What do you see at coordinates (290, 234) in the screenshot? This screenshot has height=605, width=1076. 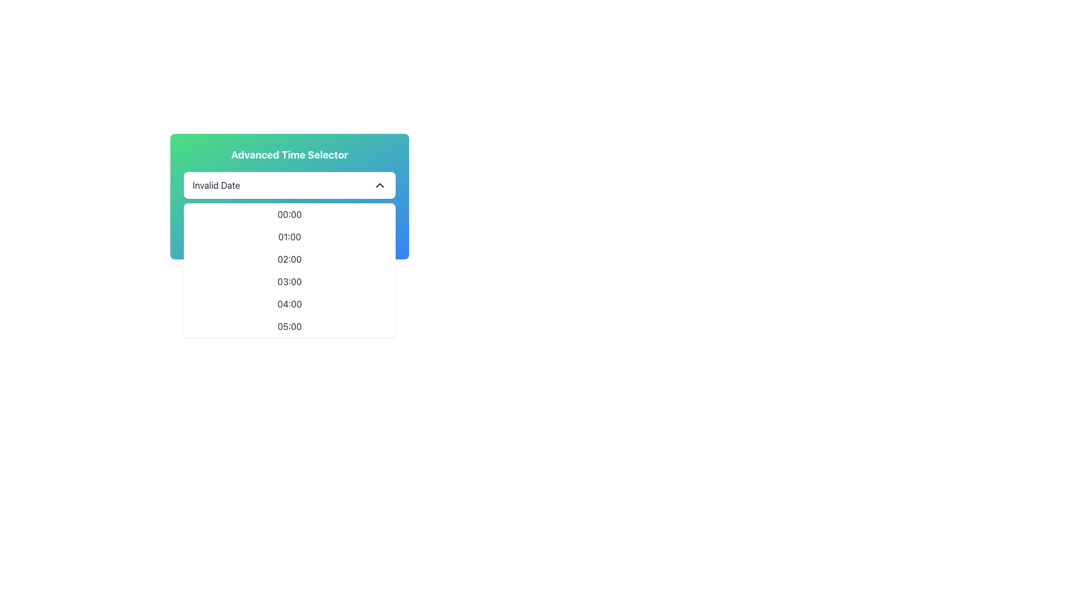 I see `the '12:00' button in the 'Quick Select' section for keyboard interaction` at bounding box center [290, 234].